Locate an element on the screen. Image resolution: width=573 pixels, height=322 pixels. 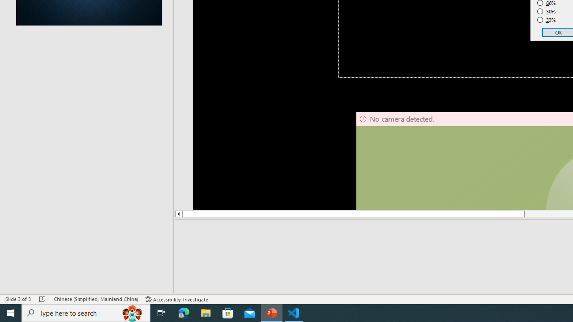
'Type here to search' is located at coordinates (86, 312).